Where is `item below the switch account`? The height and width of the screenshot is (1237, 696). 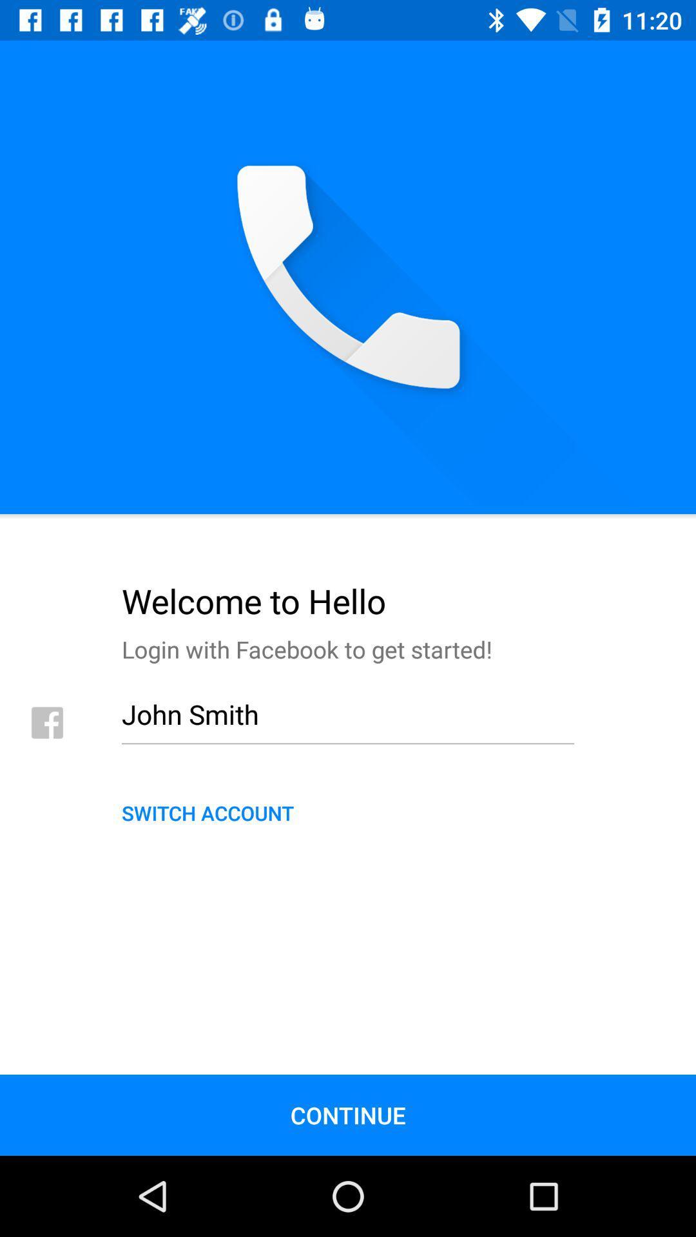
item below the switch account is located at coordinates (348, 1115).